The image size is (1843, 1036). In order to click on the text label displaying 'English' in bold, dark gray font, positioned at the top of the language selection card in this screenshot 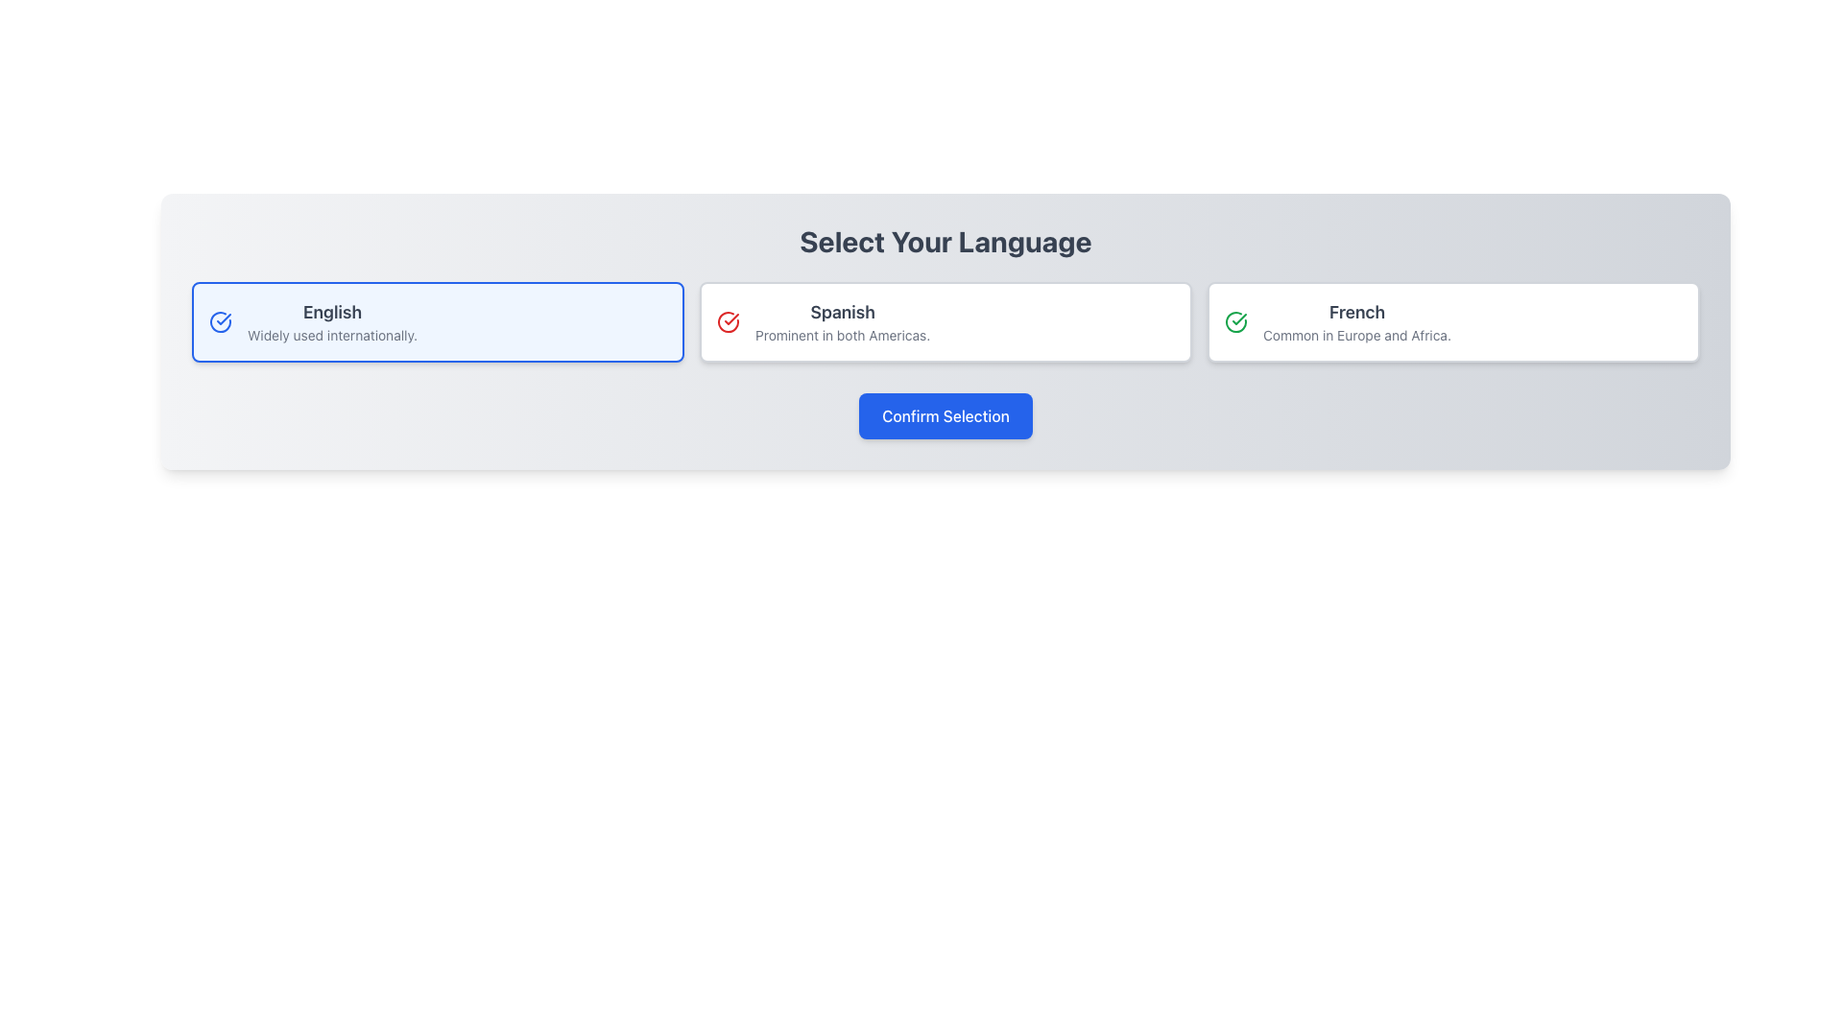, I will do `click(332, 312)`.